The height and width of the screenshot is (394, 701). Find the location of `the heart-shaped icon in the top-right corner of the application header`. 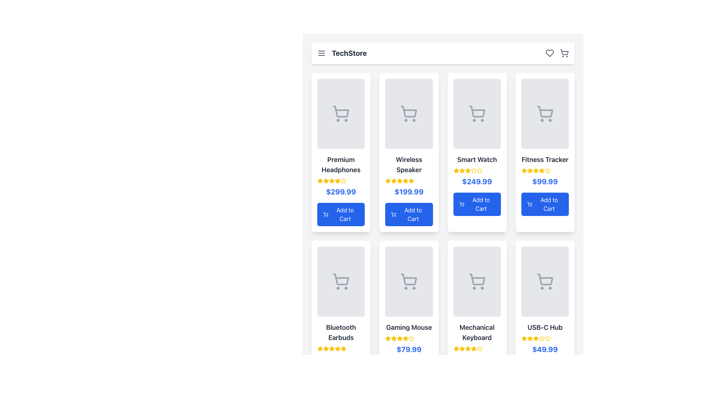

the heart-shaped icon in the top-right corner of the application header is located at coordinates (550, 53).